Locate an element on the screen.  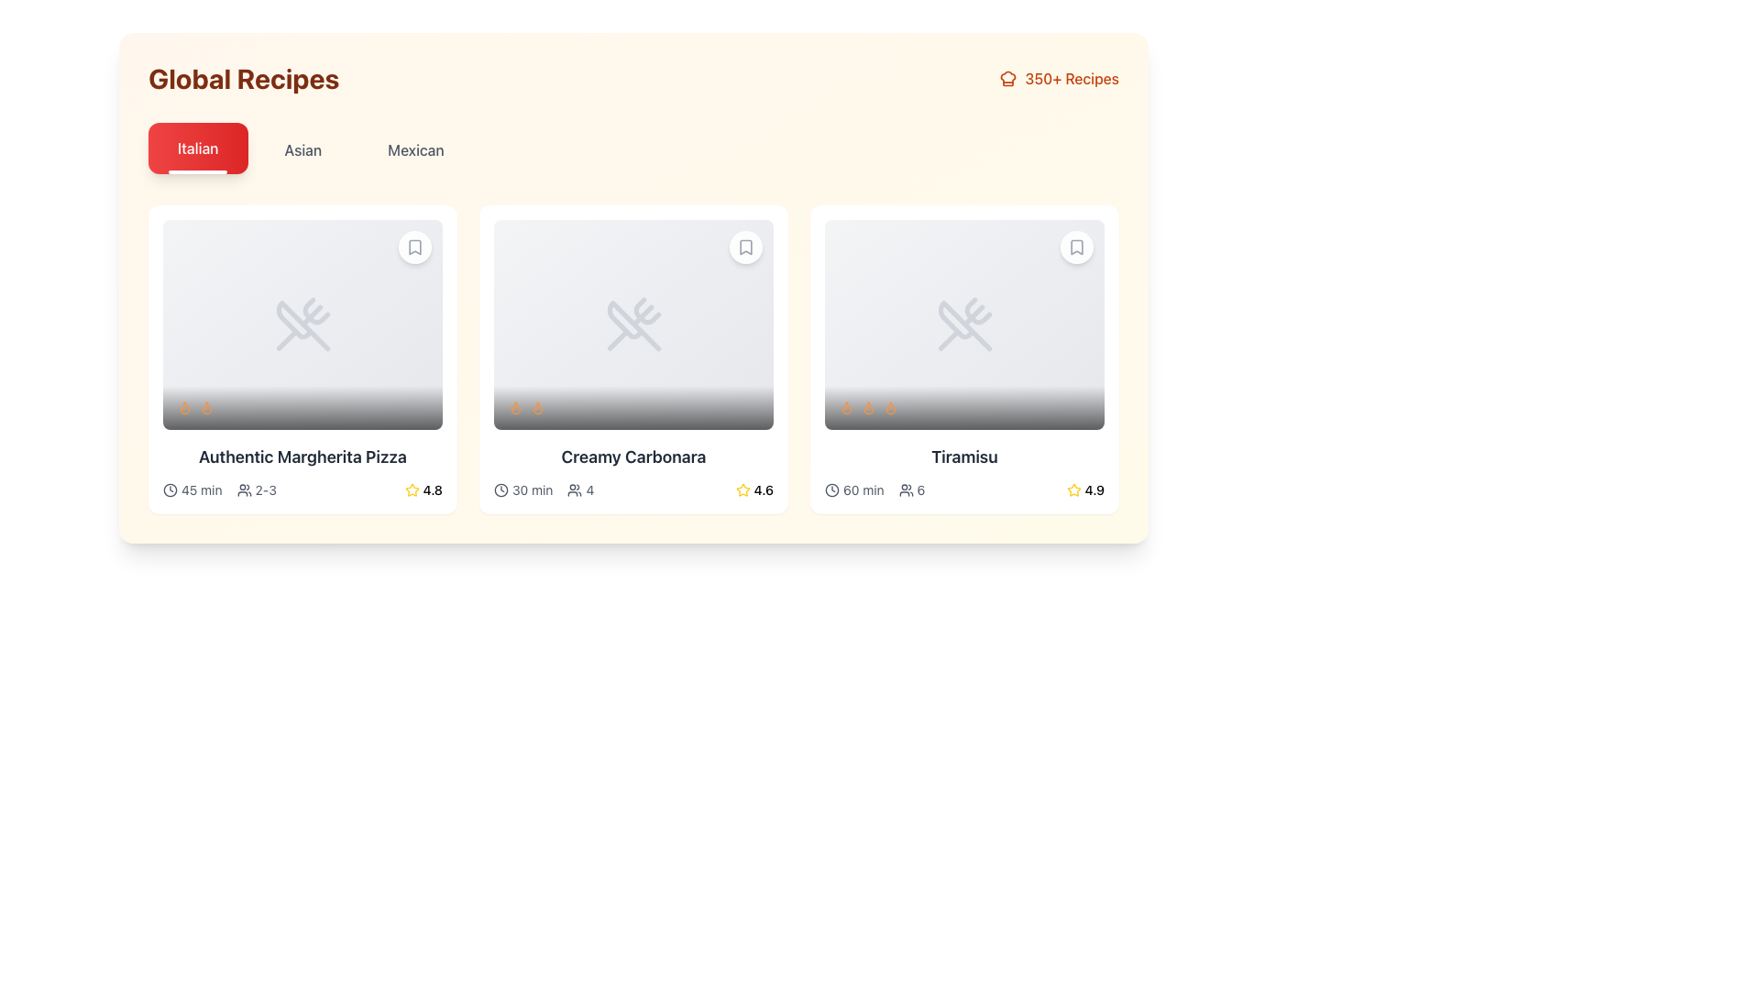
the non-interactive rating display showing '4.8' for the 'Authentic Margherita Pizza' card located in the bottom-right corner is located at coordinates (423, 489).